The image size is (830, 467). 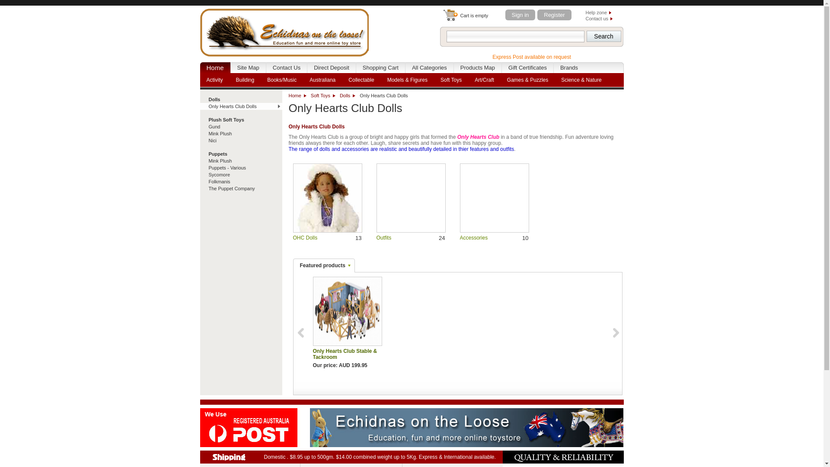 What do you see at coordinates (484, 80) in the screenshot?
I see `'Art/Craft'` at bounding box center [484, 80].